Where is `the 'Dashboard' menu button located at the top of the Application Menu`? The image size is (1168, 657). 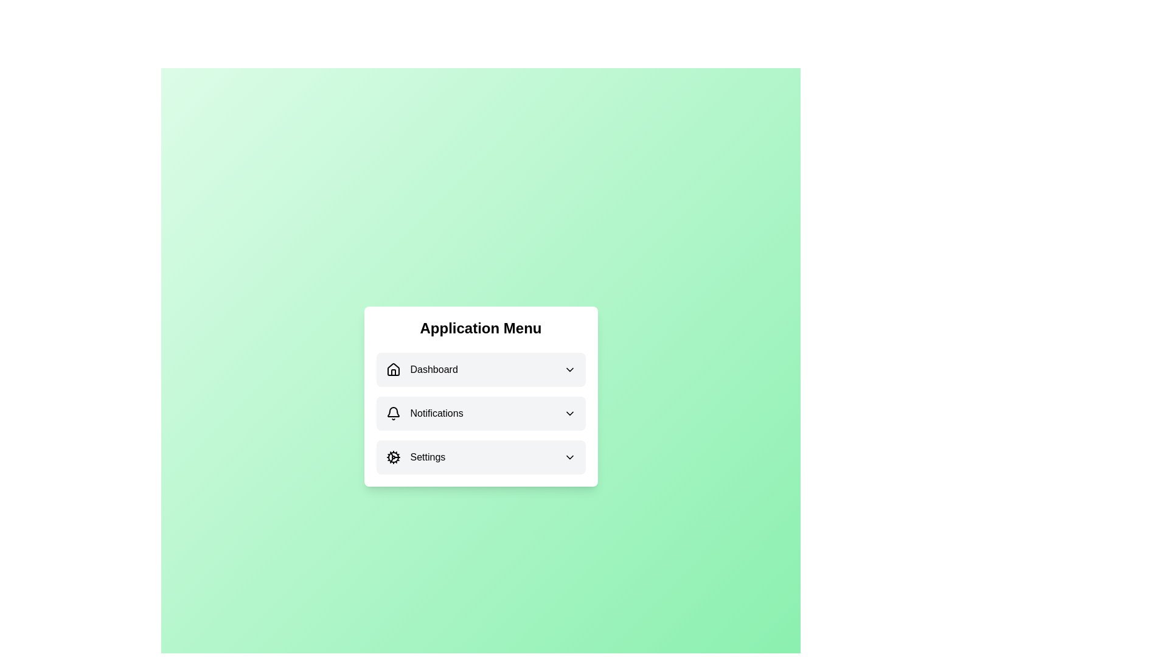 the 'Dashboard' menu button located at the top of the Application Menu is located at coordinates (480, 369).